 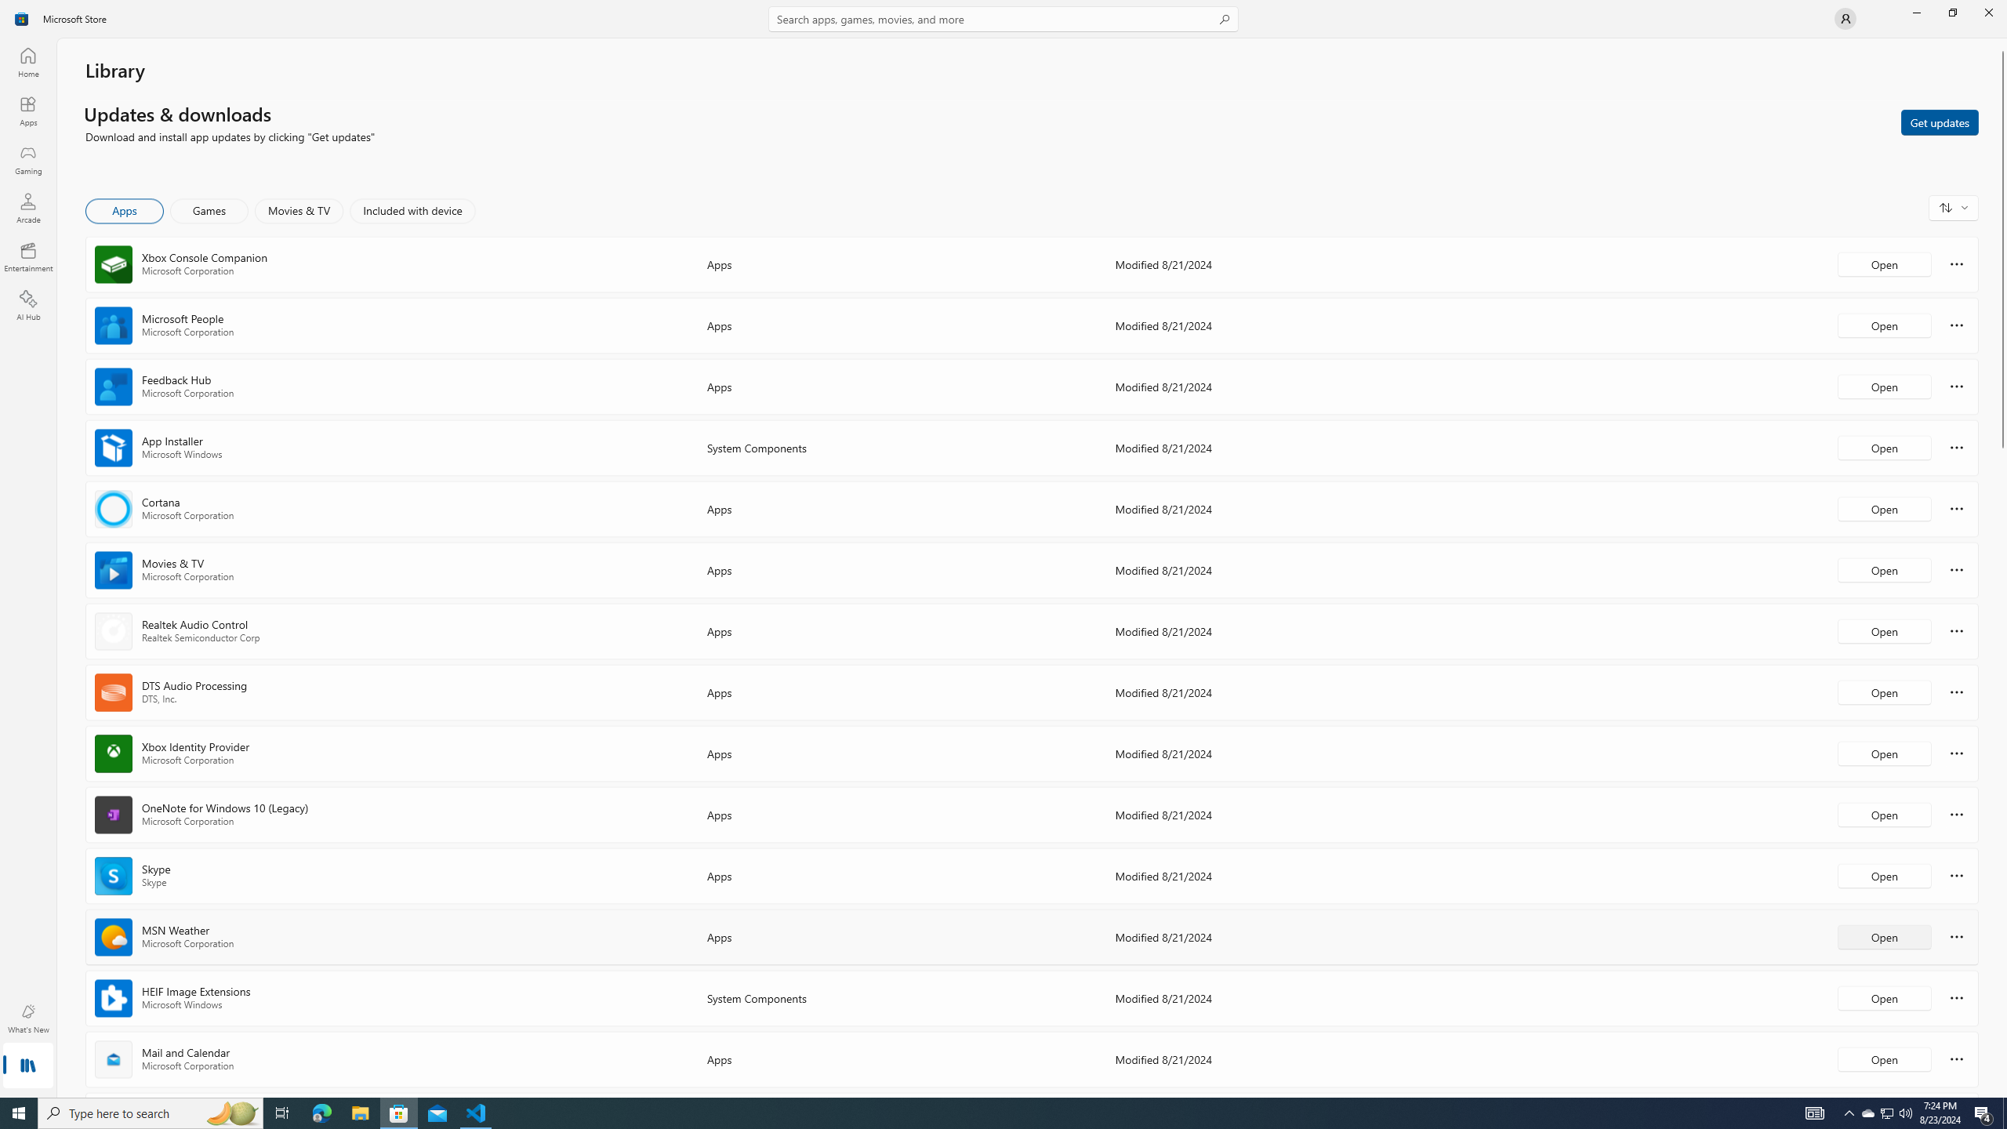 What do you see at coordinates (1952, 12) in the screenshot?
I see `'Restore Microsoft Store'` at bounding box center [1952, 12].